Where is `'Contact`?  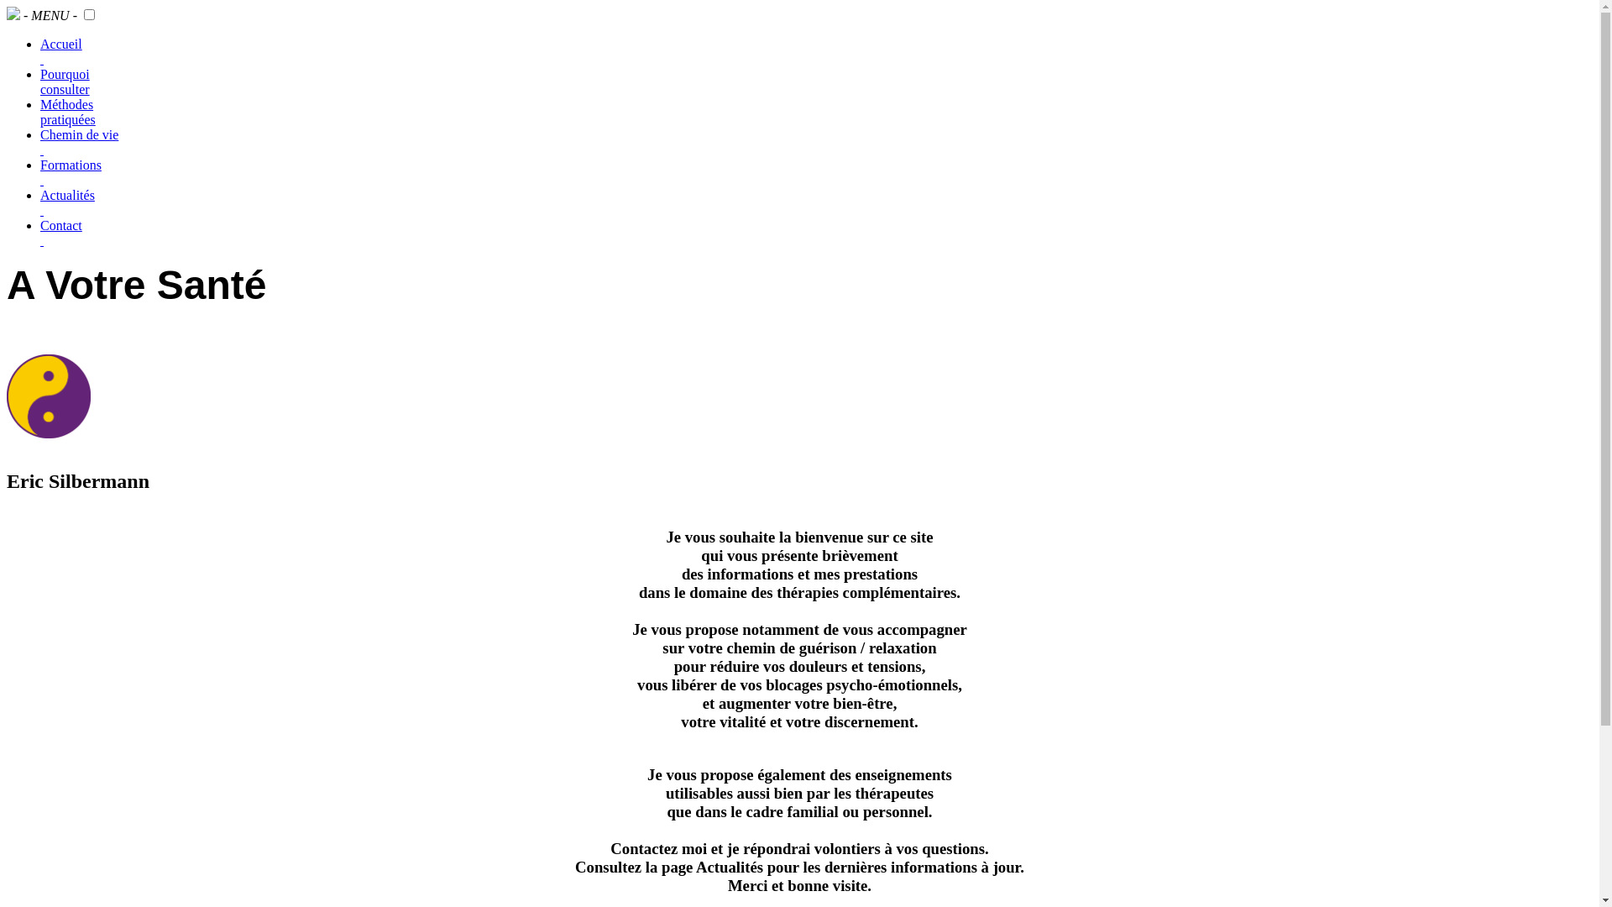
'Contact is located at coordinates (60, 233).